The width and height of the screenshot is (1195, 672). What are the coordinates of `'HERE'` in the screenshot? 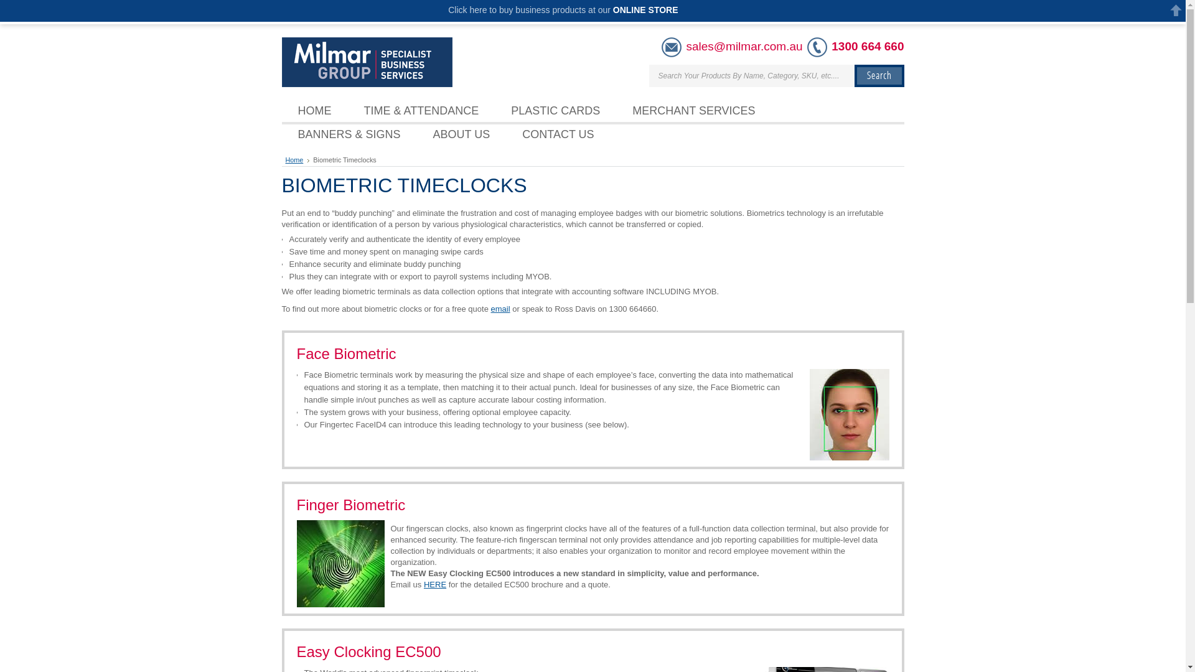 It's located at (424, 584).